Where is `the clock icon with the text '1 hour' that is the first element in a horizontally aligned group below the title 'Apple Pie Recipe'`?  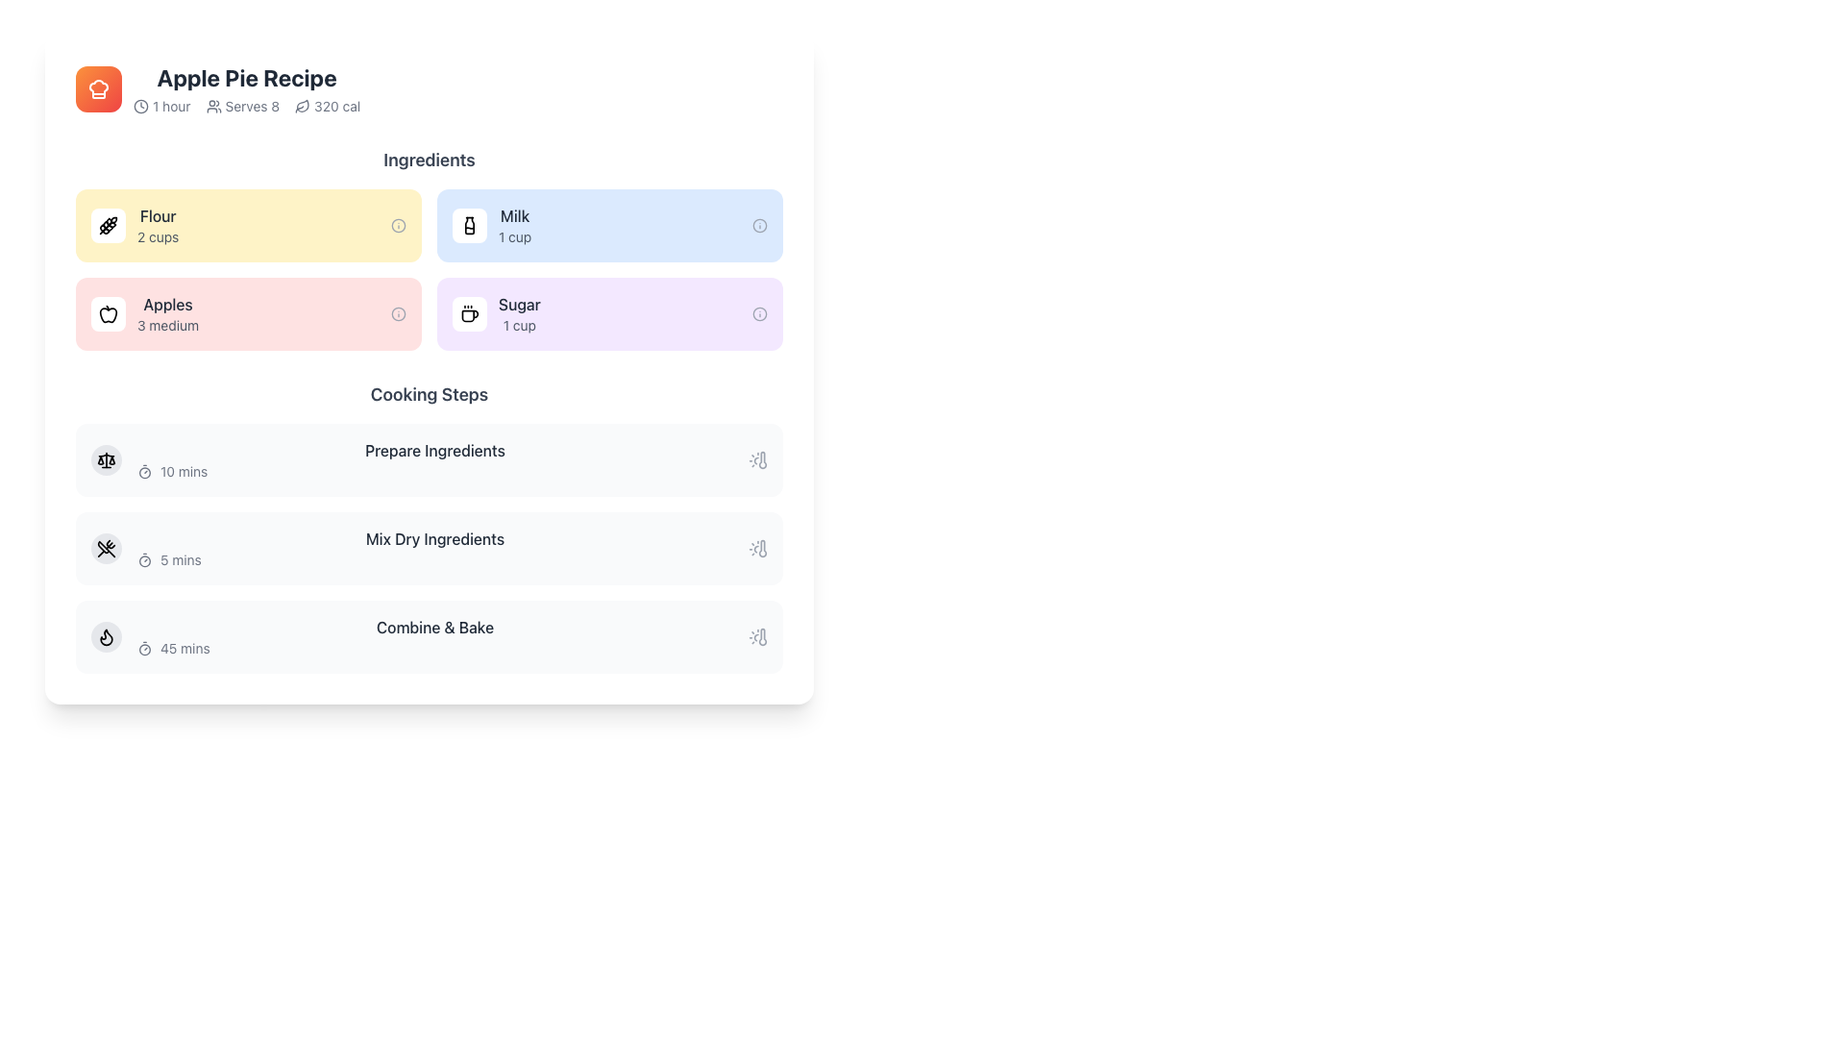
the clock icon with the text '1 hour' that is the first element in a horizontally aligned group below the title 'Apple Pie Recipe' is located at coordinates (161, 107).